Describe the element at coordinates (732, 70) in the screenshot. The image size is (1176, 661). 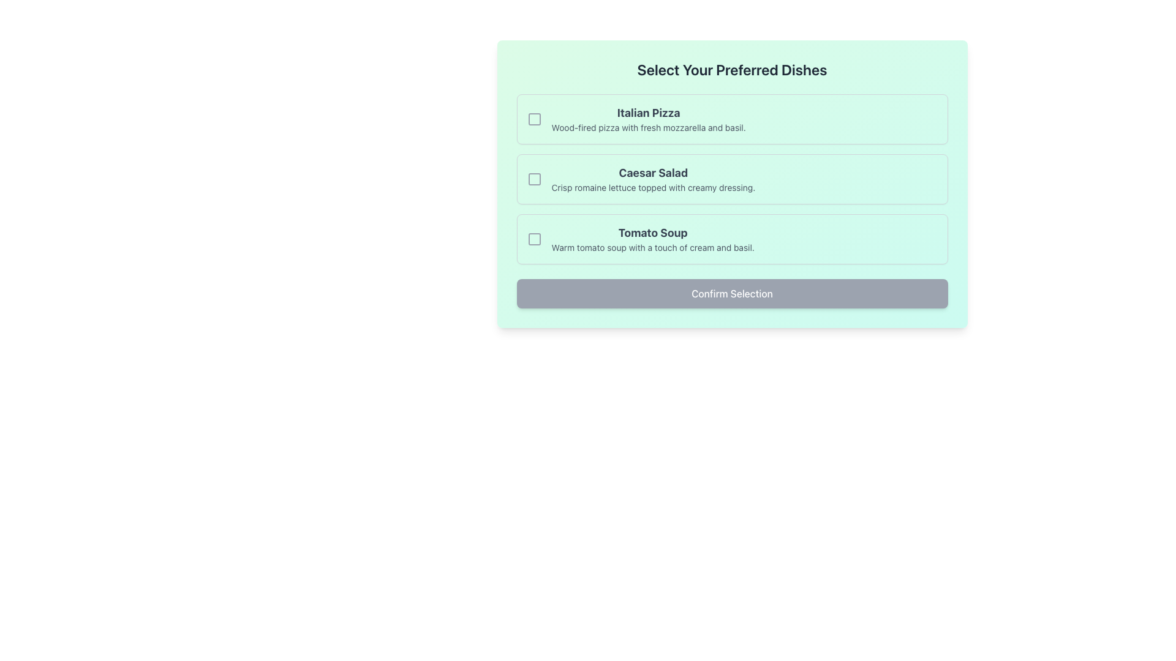
I see `the heading text that introduces the options below for user selection, which is positioned above a list of selectable food items` at that location.